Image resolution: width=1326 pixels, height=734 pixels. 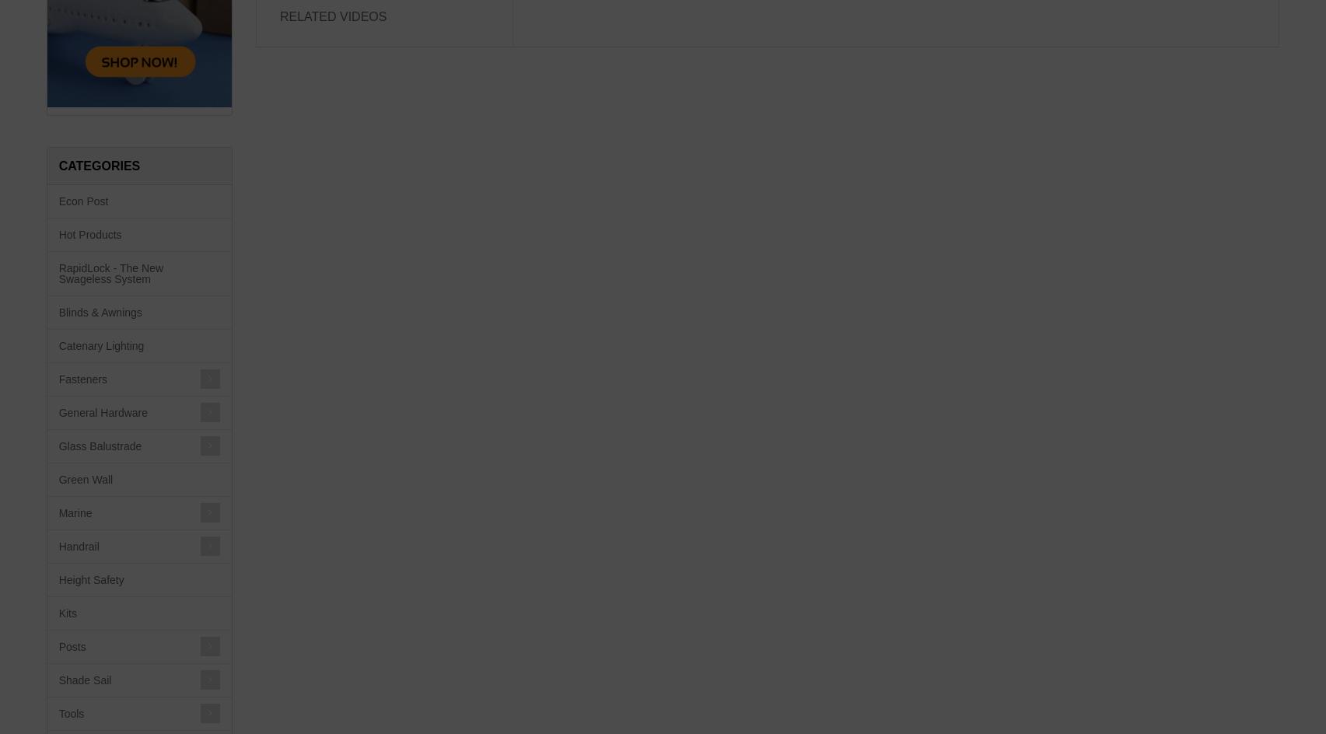 I want to click on 'Blinds & Awnings', so click(x=100, y=312).